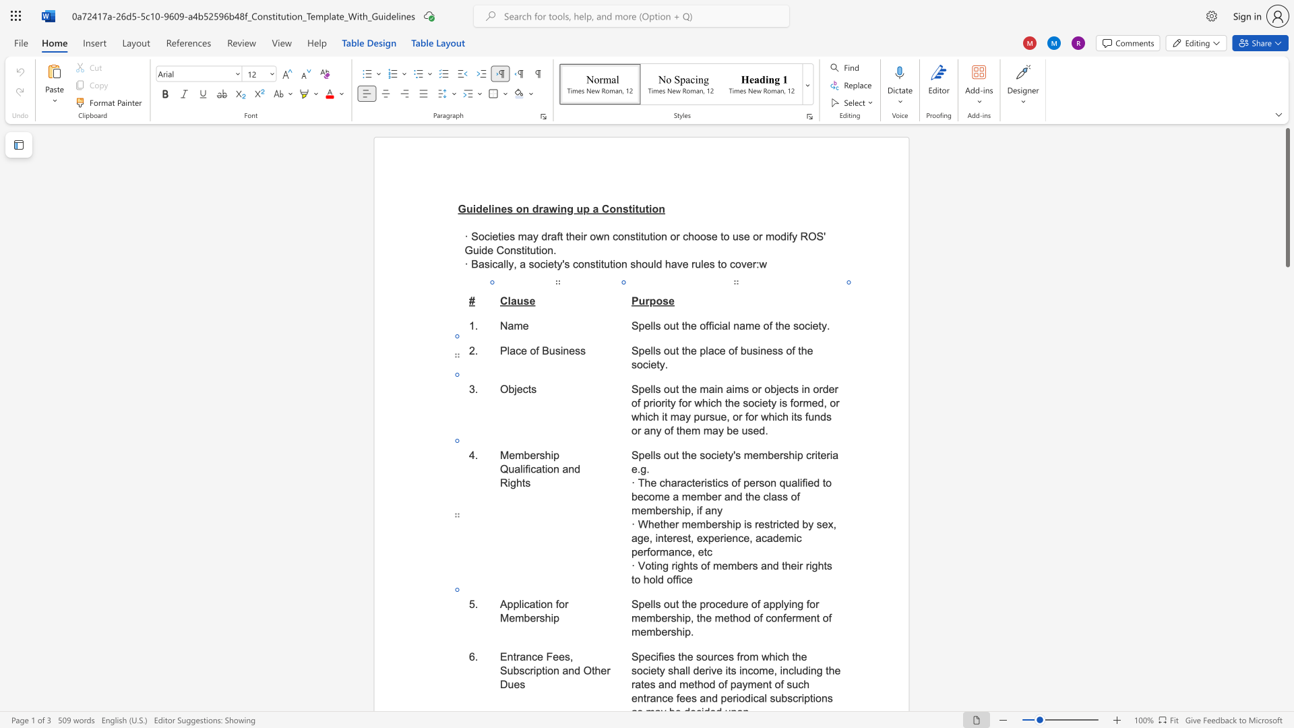 The width and height of the screenshot is (1294, 728). What do you see at coordinates (510, 482) in the screenshot?
I see `the space between the continuous character "i" and "g" in the text` at bounding box center [510, 482].